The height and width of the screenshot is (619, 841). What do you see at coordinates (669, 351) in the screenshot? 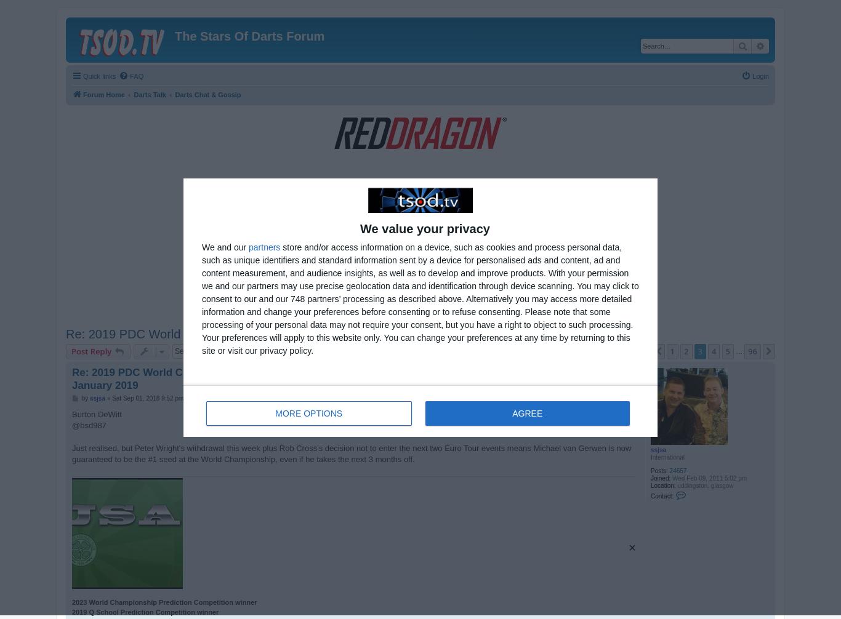
I see `'1'` at bounding box center [669, 351].